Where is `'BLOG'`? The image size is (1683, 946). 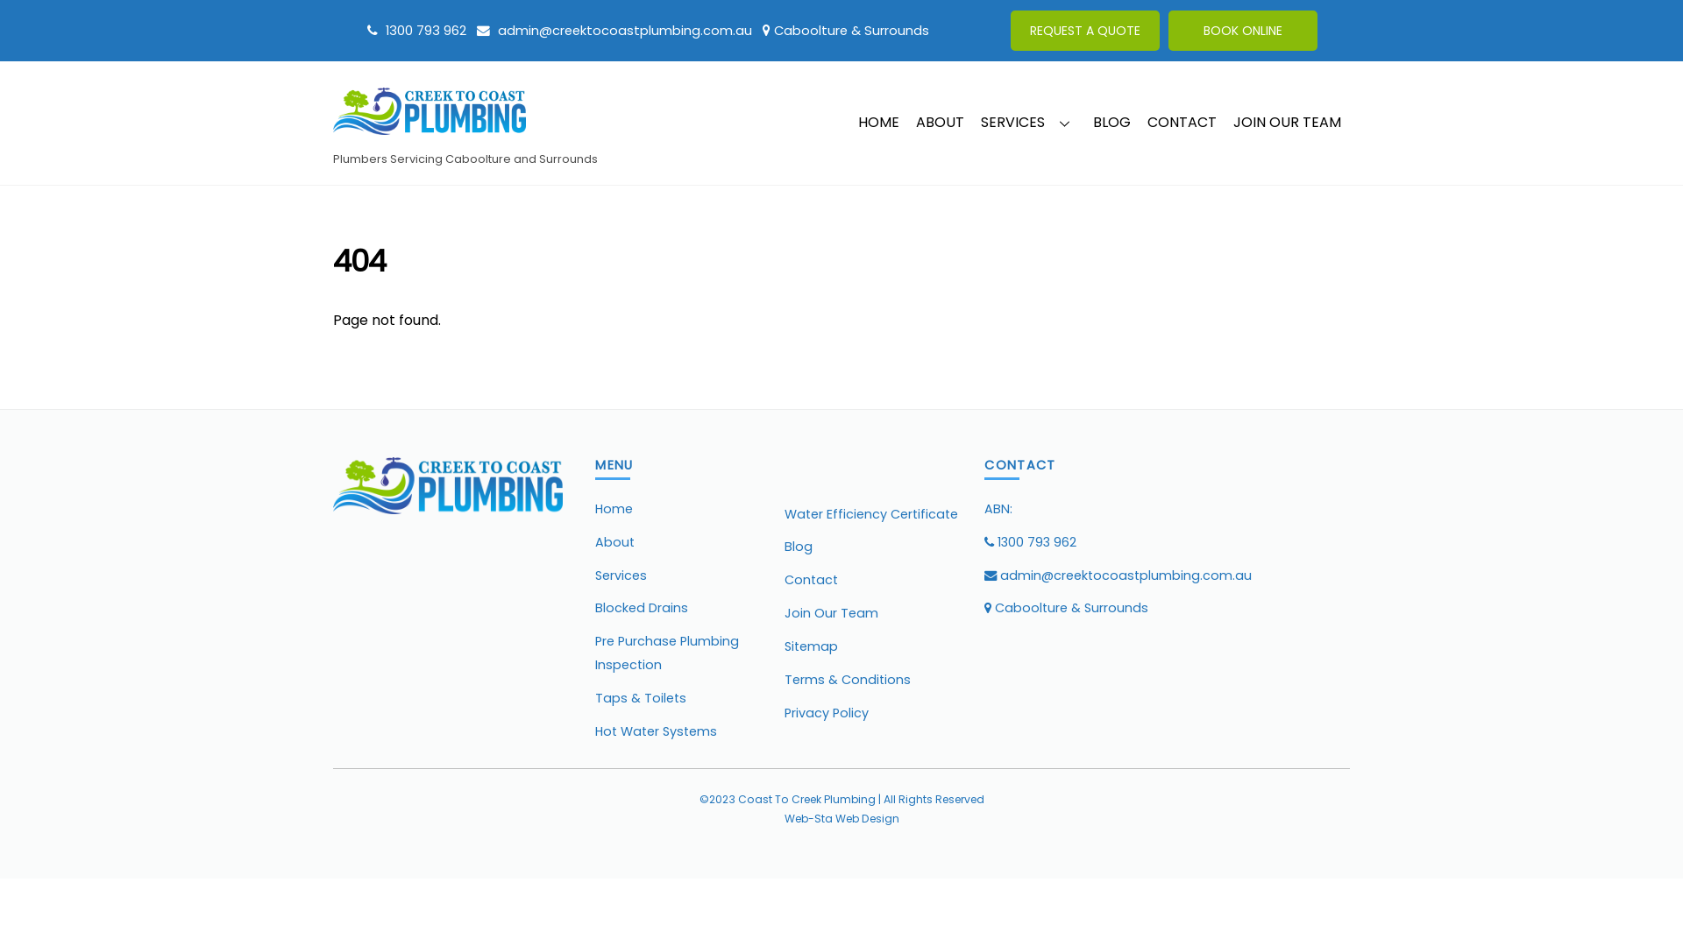 'BLOG' is located at coordinates (1110, 123).